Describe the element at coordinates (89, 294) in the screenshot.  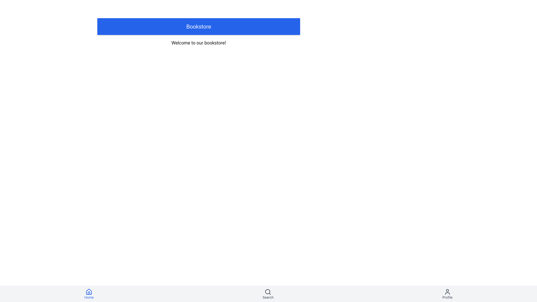
I see `the 'Home' button which has a house icon and blue text, located at the bottom left of the navigation bar` at that location.